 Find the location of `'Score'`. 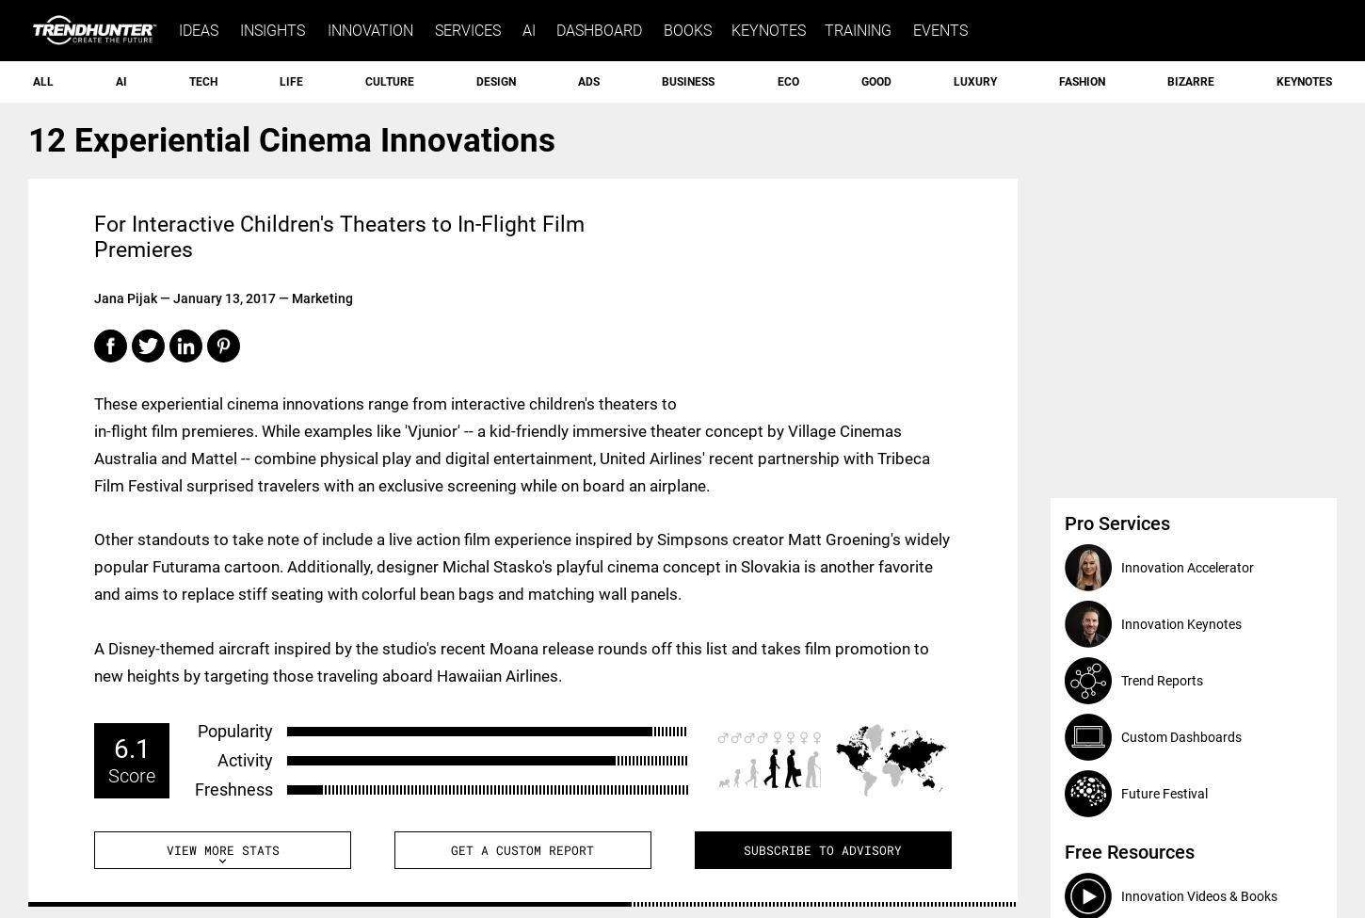

'Score' is located at coordinates (131, 775).